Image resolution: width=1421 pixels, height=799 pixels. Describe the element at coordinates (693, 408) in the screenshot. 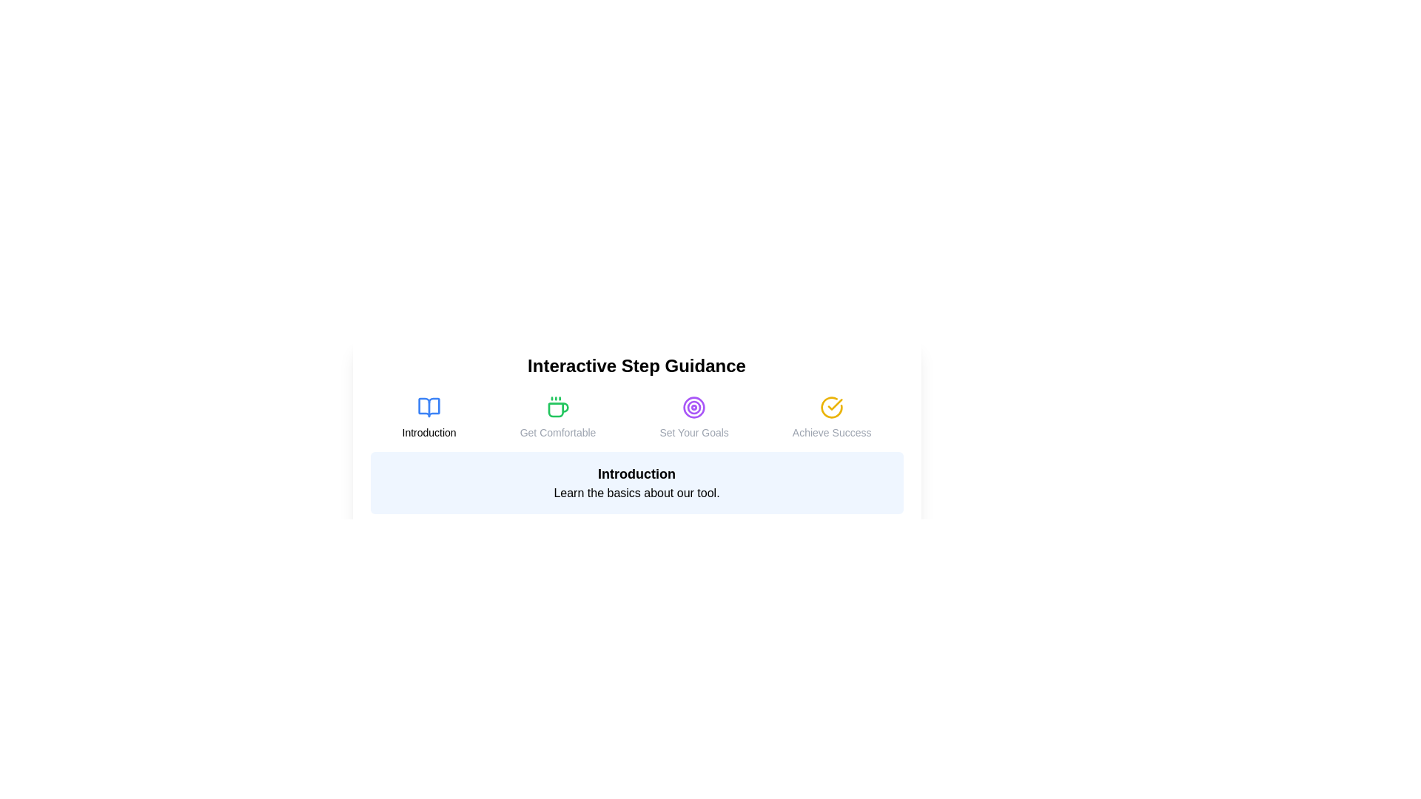

I see `the 'Set Your Goals' indicator icon, which is the second icon in a row of four icons under the text 'Interactive Step Guidance'` at that location.